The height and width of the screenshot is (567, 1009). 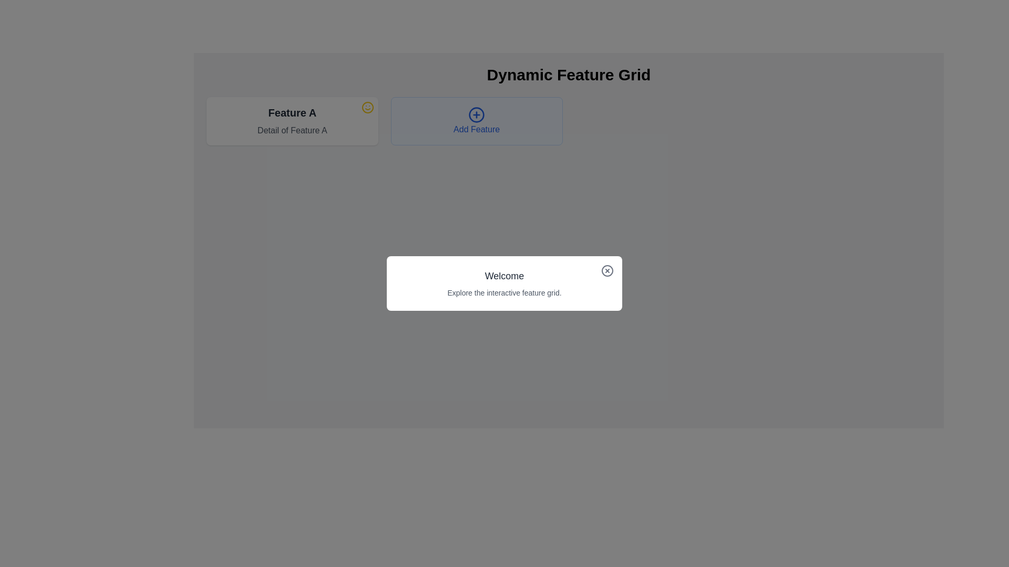 What do you see at coordinates (504, 293) in the screenshot?
I see `the textual element displaying 'Explore the interactive feature grid.' located directly below the 'Welcome' text within the modal box` at bounding box center [504, 293].